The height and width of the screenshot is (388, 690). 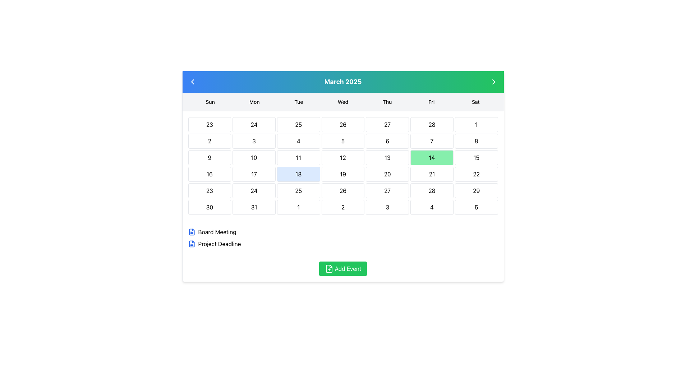 What do you see at coordinates (342, 174) in the screenshot?
I see `the clickable date box displaying '19' in the calendar under 'Mar 2025'` at bounding box center [342, 174].